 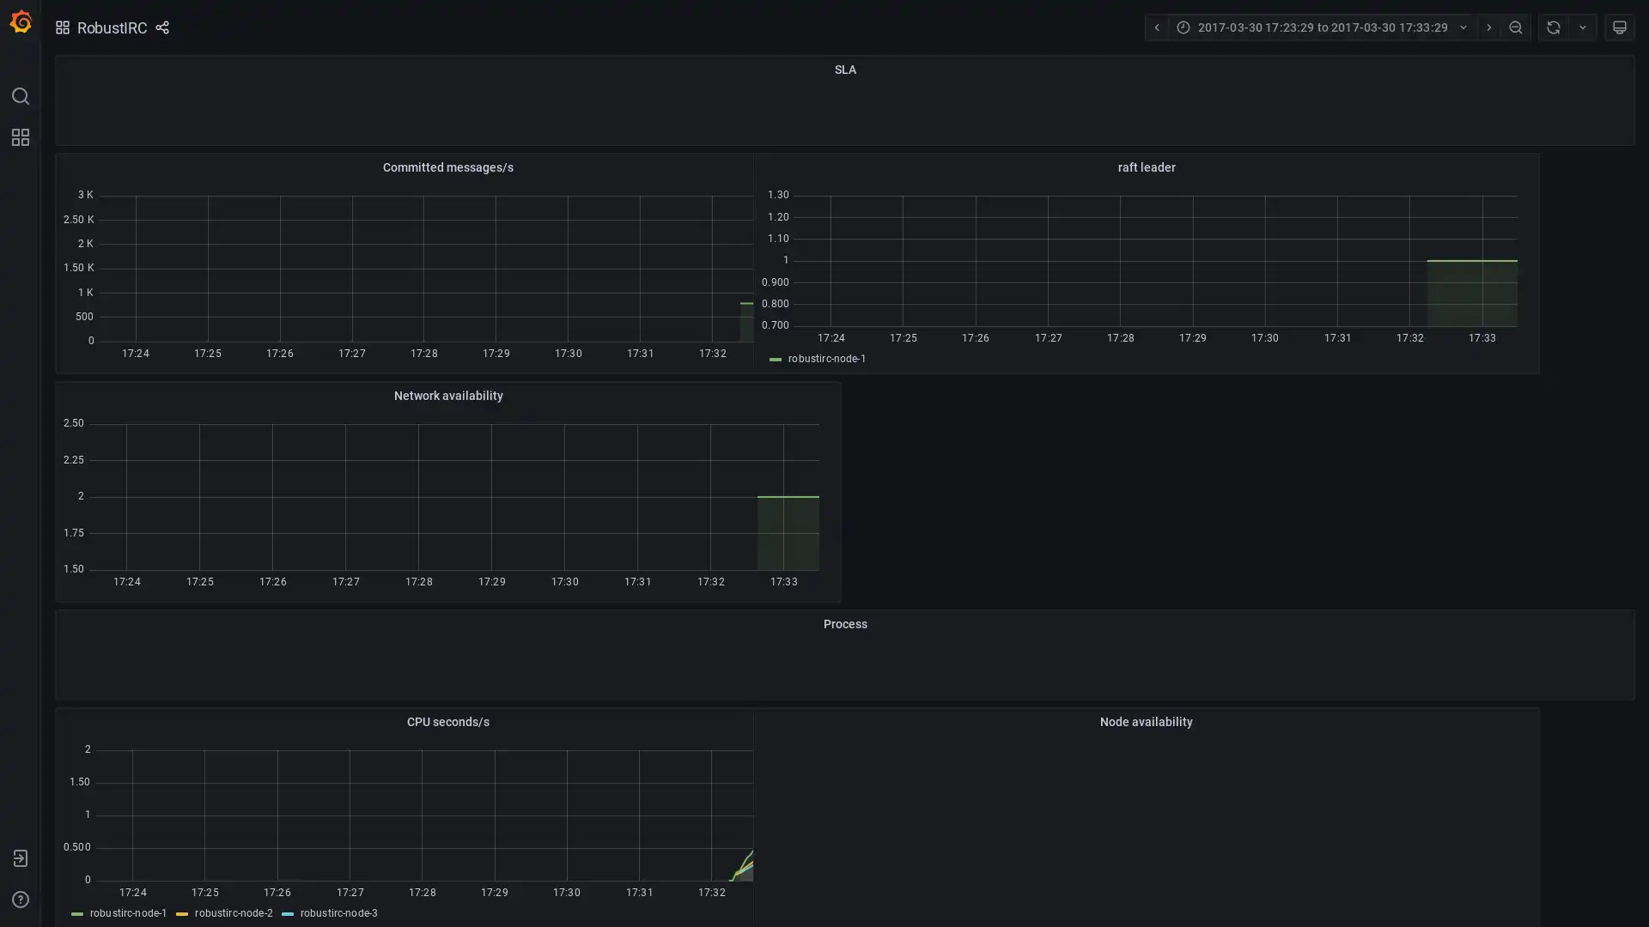 What do you see at coordinates (1488, 27) in the screenshot?
I see `Move time range forwards` at bounding box center [1488, 27].